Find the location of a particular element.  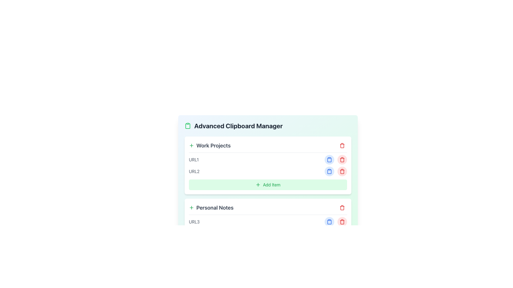

the trash icon within the 'Delete Group' button in the 'Work Projects' section is located at coordinates (342, 146).